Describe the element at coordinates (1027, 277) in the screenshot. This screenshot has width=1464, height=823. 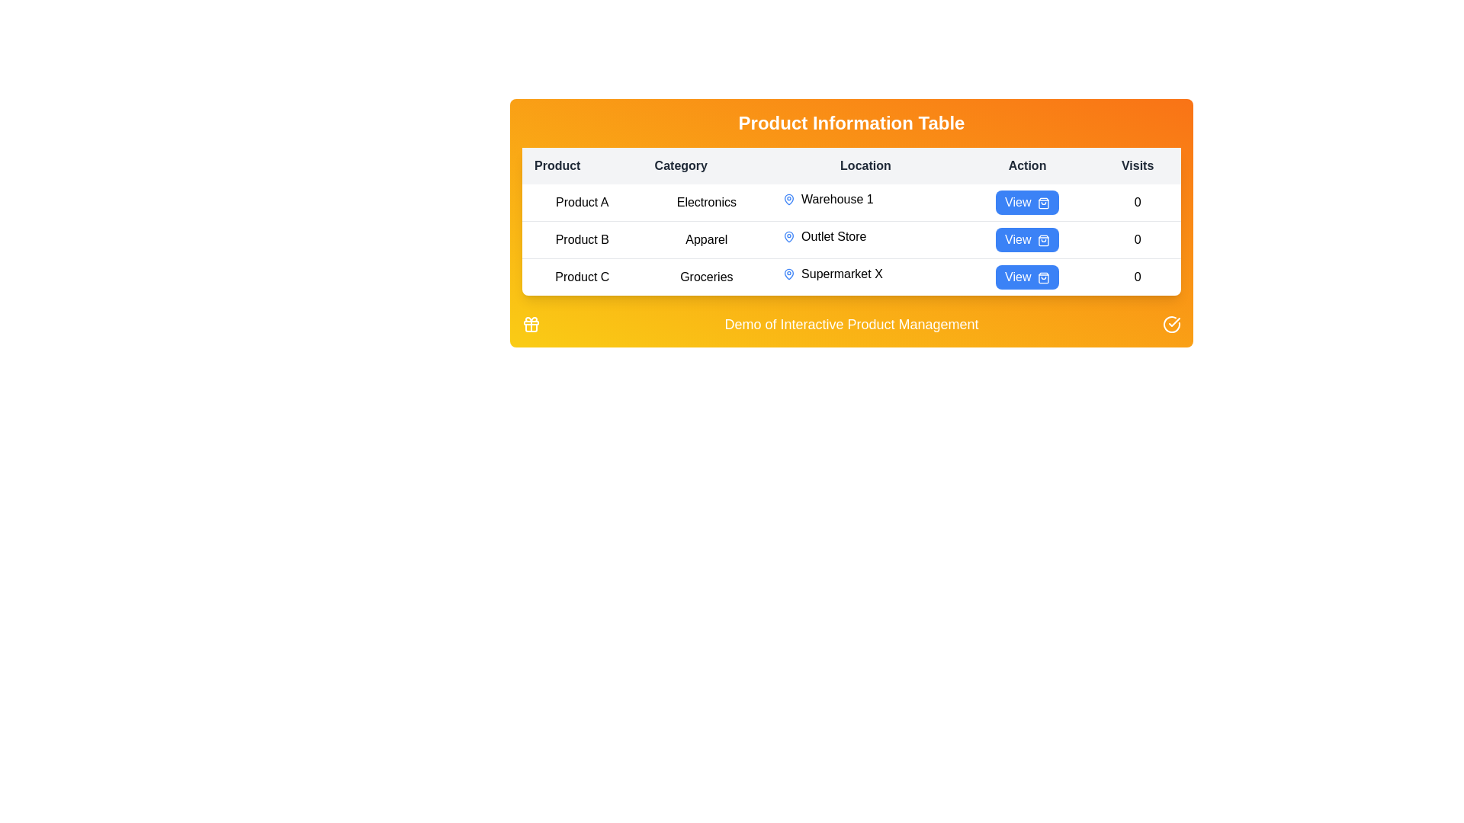
I see `the button in the 'Action' column of the third row` at that location.